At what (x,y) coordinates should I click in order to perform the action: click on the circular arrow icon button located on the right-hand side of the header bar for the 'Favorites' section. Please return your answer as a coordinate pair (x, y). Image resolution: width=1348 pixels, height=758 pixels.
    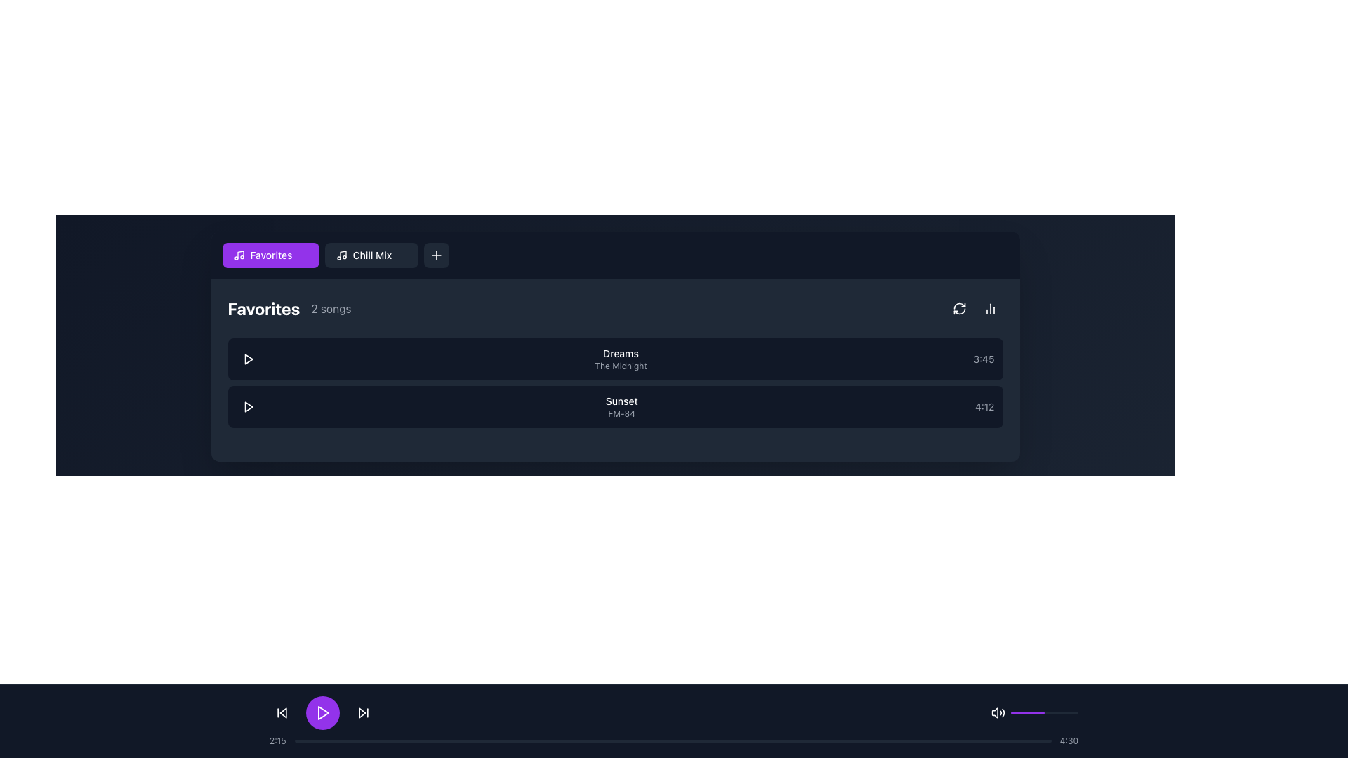
    Looking at the image, I should click on (958, 307).